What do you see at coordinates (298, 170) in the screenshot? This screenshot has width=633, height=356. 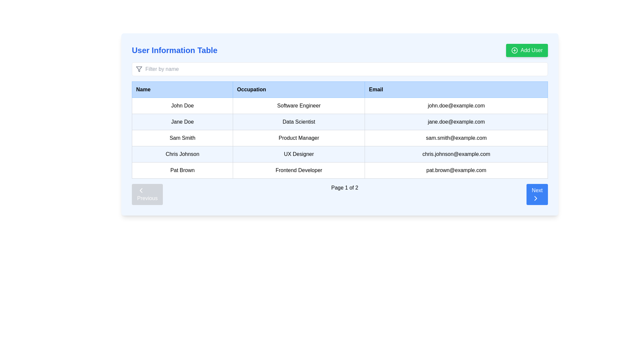 I see `the Text label displaying the job title 'Frontend Developer' for the user Pat Brown, located in the 'Occupation' column of the User Information Table` at bounding box center [298, 170].